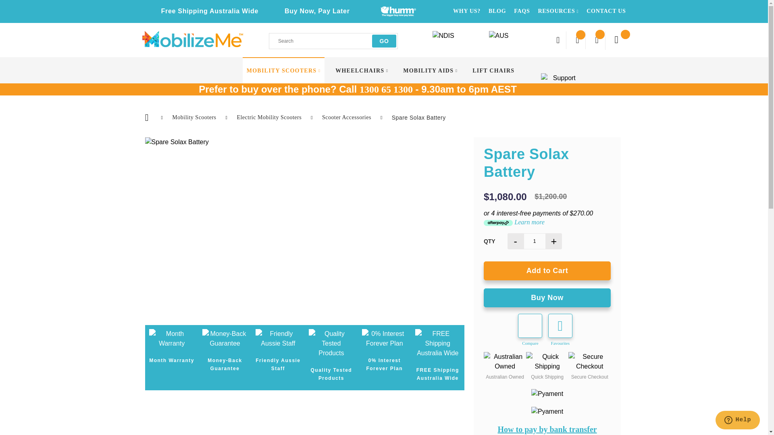 The height and width of the screenshot is (435, 774). What do you see at coordinates (553, 240) in the screenshot?
I see `'+'` at bounding box center [553, 240].